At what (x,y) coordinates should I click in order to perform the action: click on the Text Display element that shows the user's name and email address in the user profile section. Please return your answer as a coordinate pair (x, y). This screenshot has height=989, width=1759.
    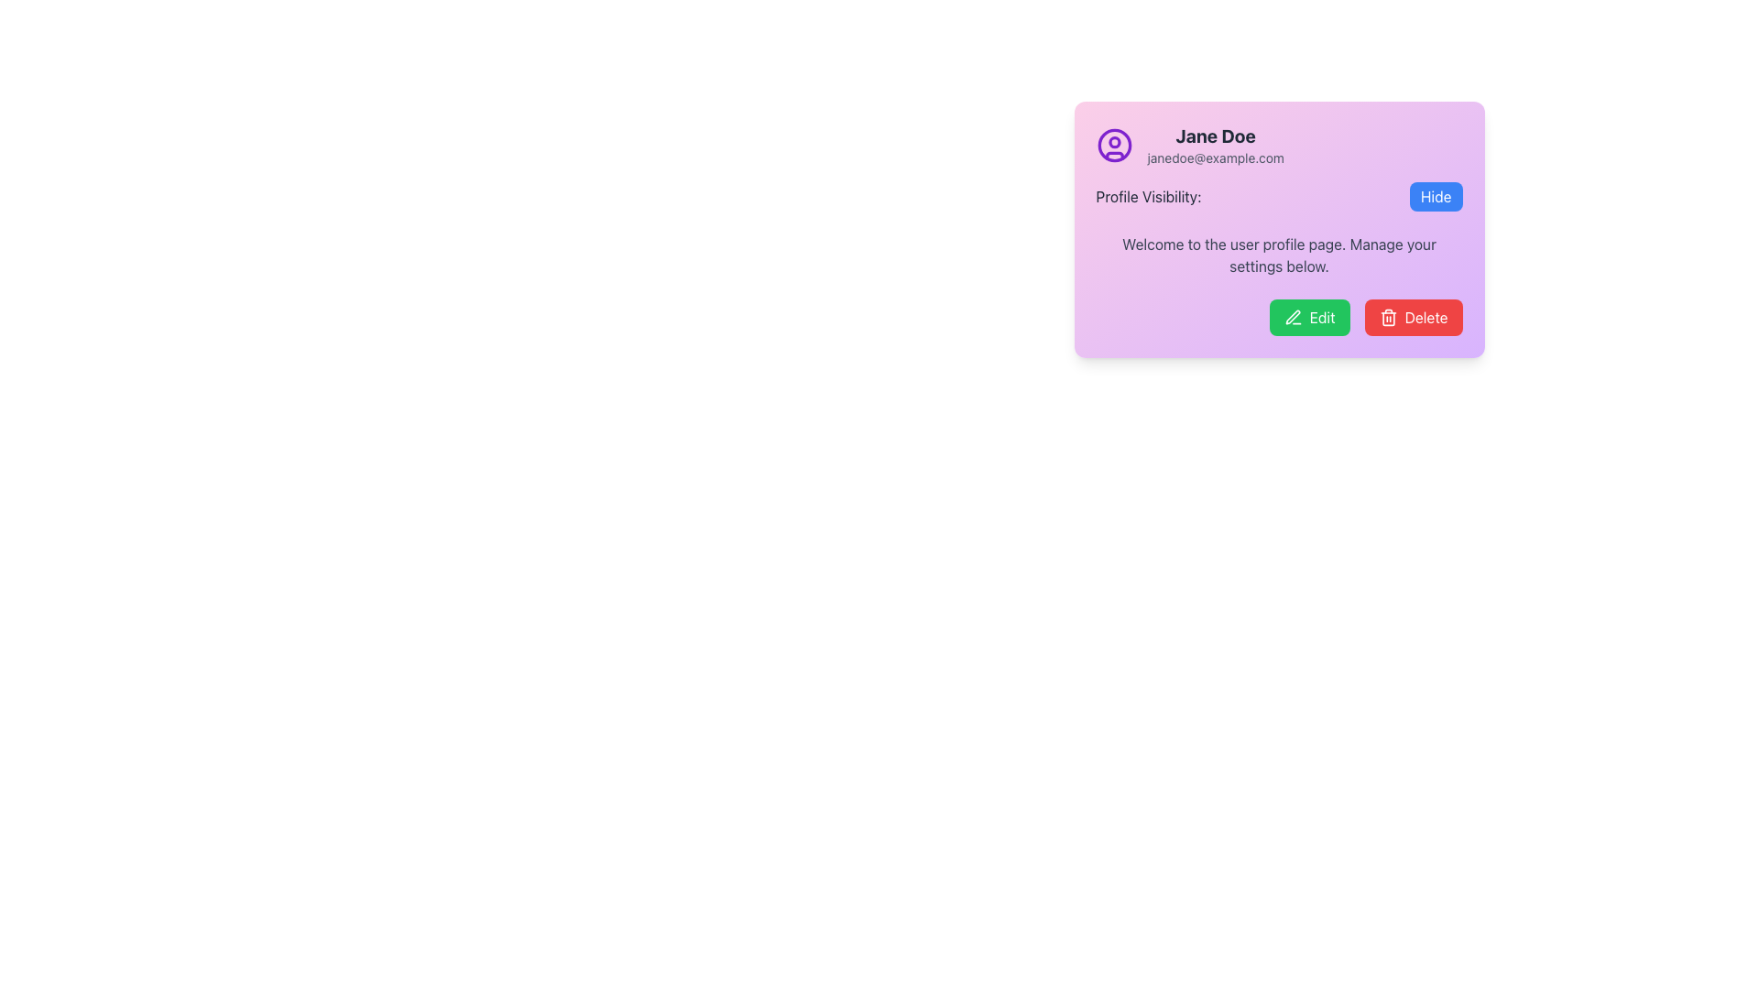
    Looking at the image, I should click on (1216, 144).